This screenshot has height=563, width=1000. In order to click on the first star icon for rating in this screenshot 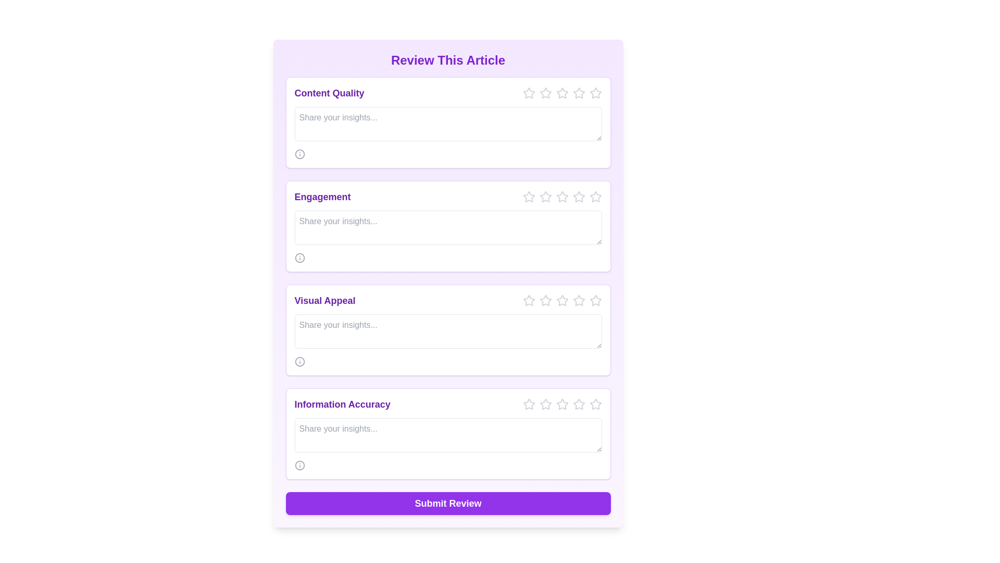, I will do `click(545, 197)`.